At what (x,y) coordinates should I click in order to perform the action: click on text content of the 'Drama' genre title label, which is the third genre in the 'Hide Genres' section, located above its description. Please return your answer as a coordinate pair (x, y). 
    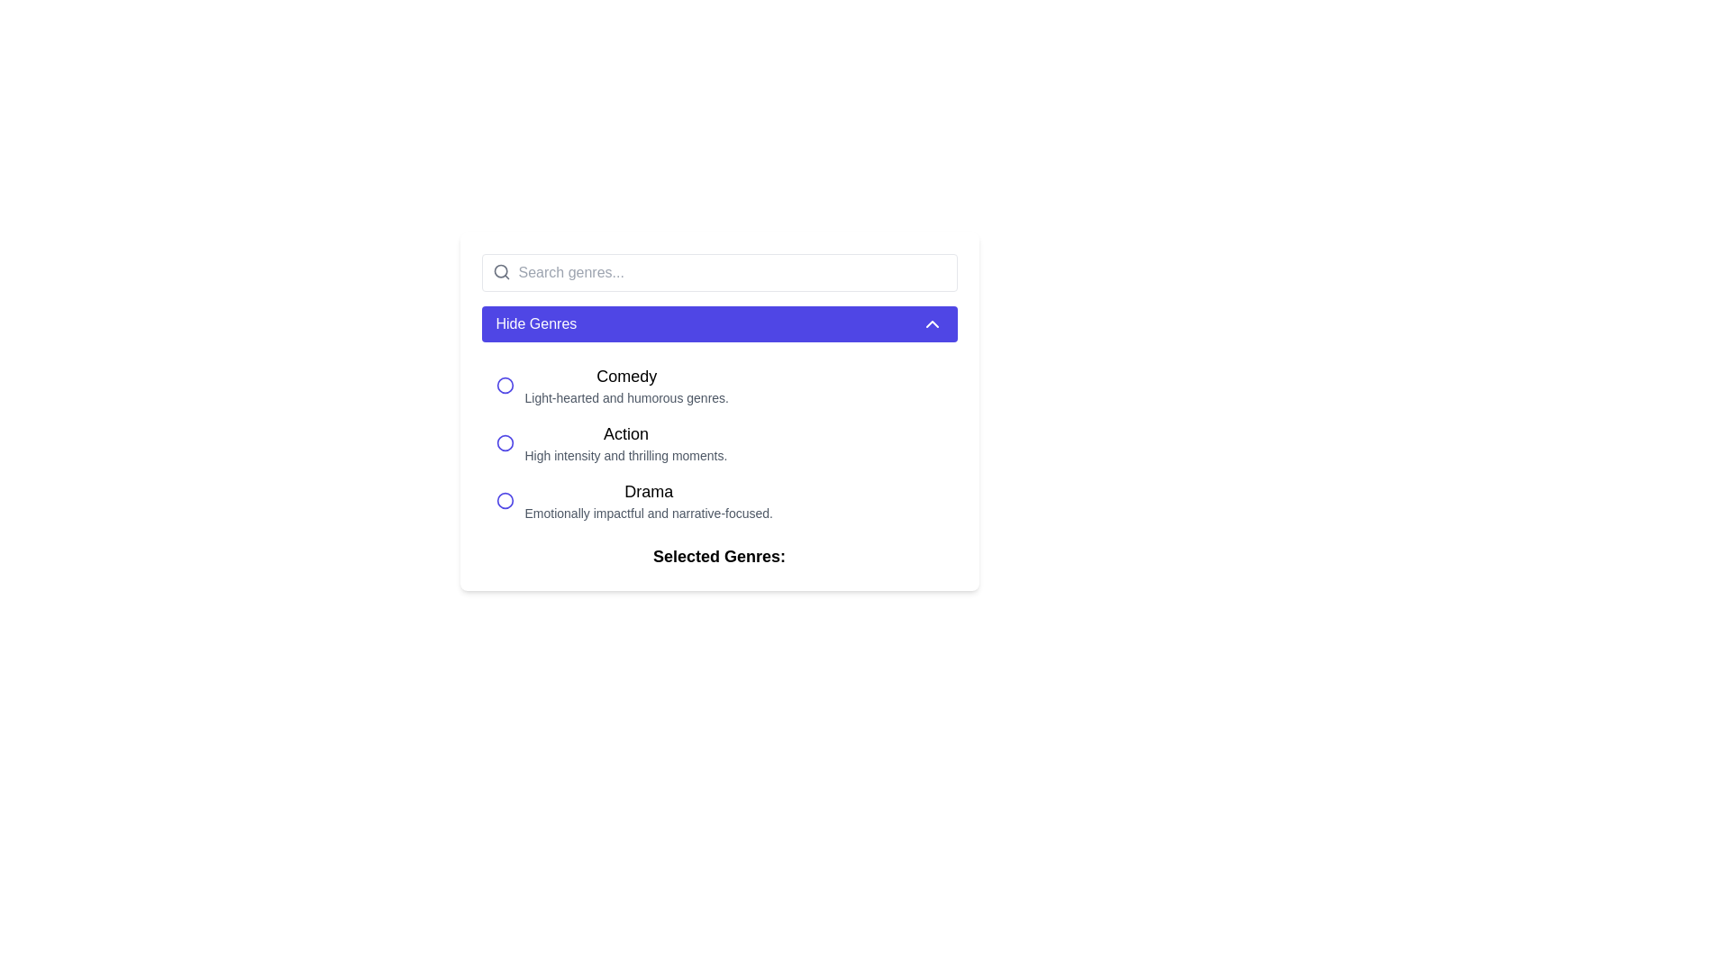
    Looking at the image, I should click on (649, 492).